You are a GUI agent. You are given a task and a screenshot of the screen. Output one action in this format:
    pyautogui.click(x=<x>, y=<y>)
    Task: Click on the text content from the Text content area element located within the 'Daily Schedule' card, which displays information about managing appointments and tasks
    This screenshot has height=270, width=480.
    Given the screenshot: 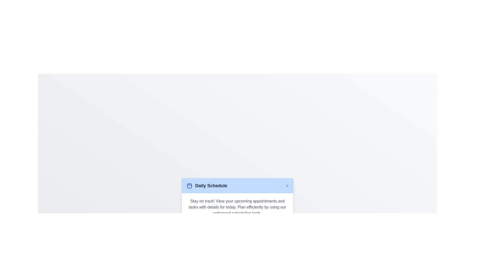 What is the action you would take?
    pyautogui.click(x=237, y=207)
    